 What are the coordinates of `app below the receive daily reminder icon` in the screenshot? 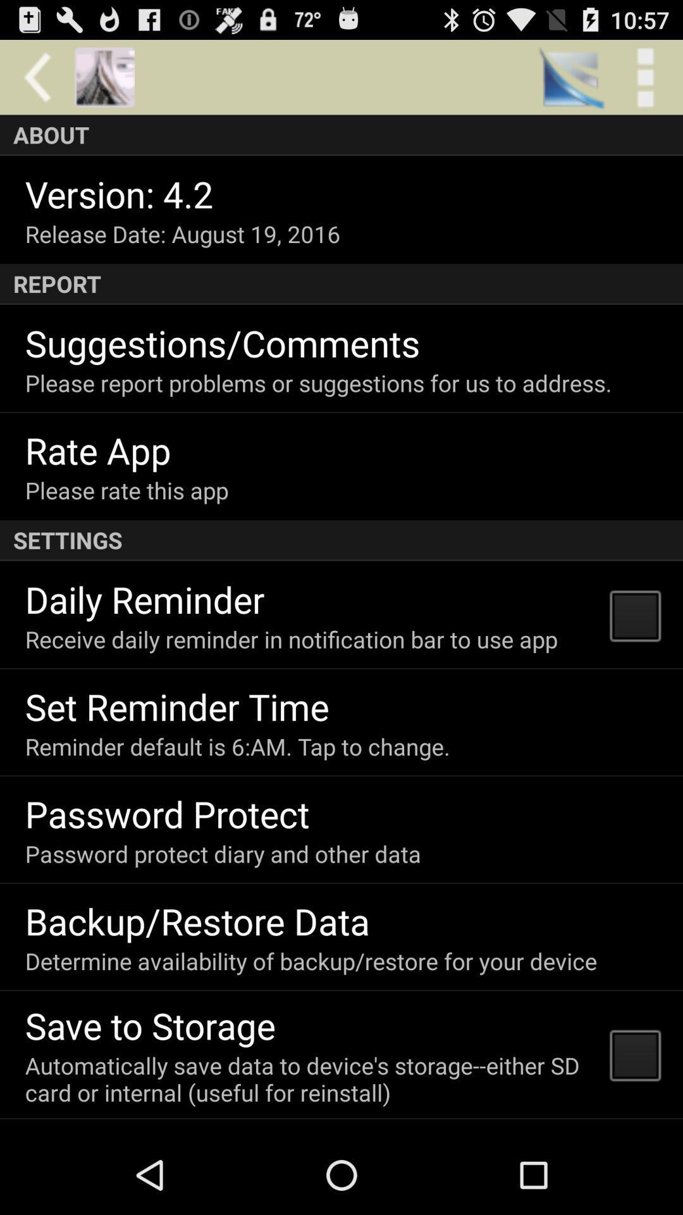 It's located at (177, 706).